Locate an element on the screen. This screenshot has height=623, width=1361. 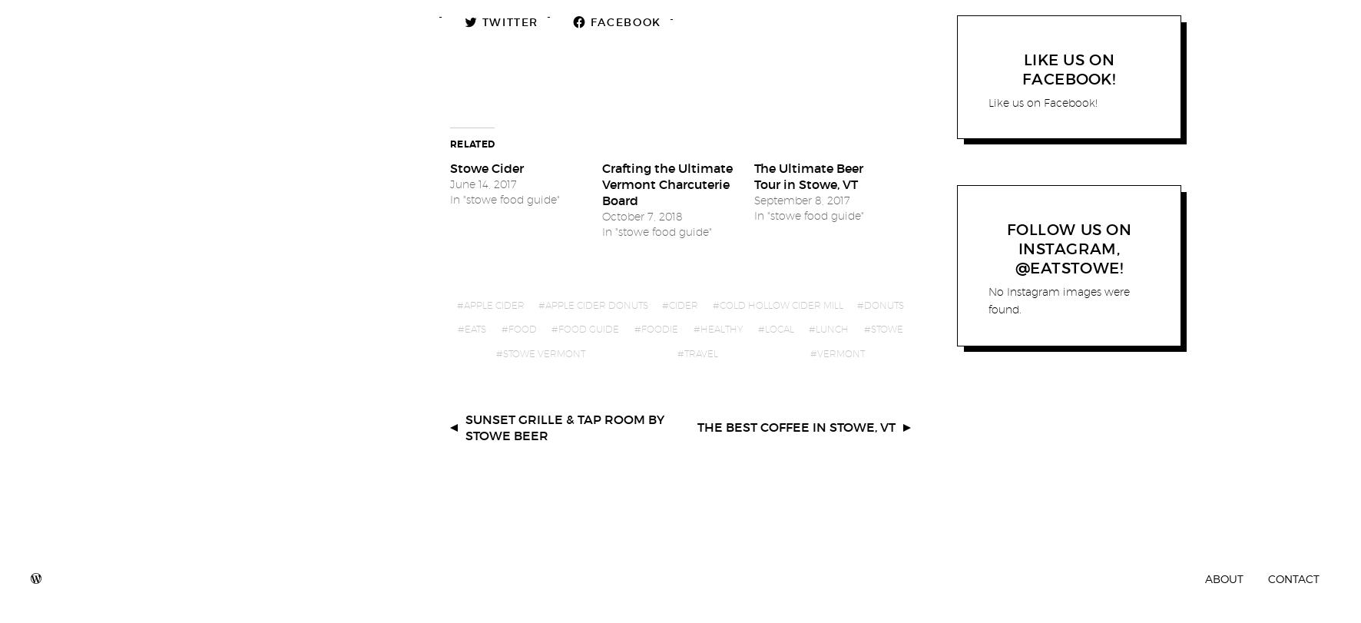
'The Best Coffee in Stowe, VT' is located at coordinates (796, 426).